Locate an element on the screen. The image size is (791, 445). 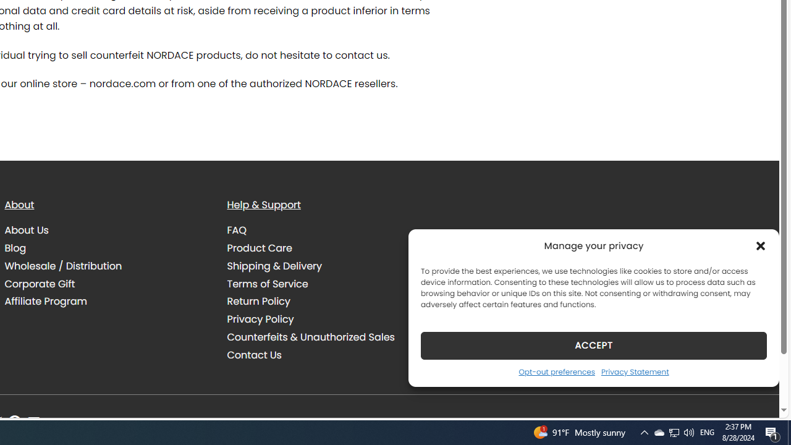
'Terms of Service' is located at coordinates (267, 283).